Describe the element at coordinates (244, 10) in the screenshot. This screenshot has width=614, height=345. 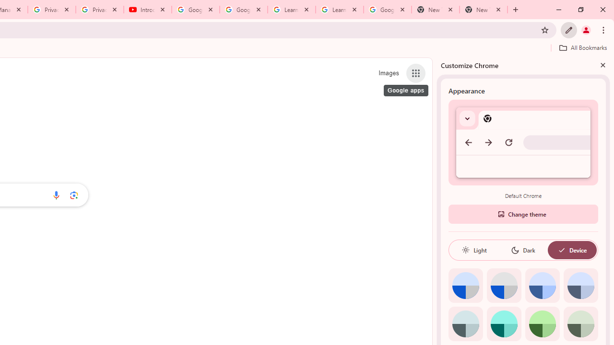
I see `'Google Account Help'` at that location.